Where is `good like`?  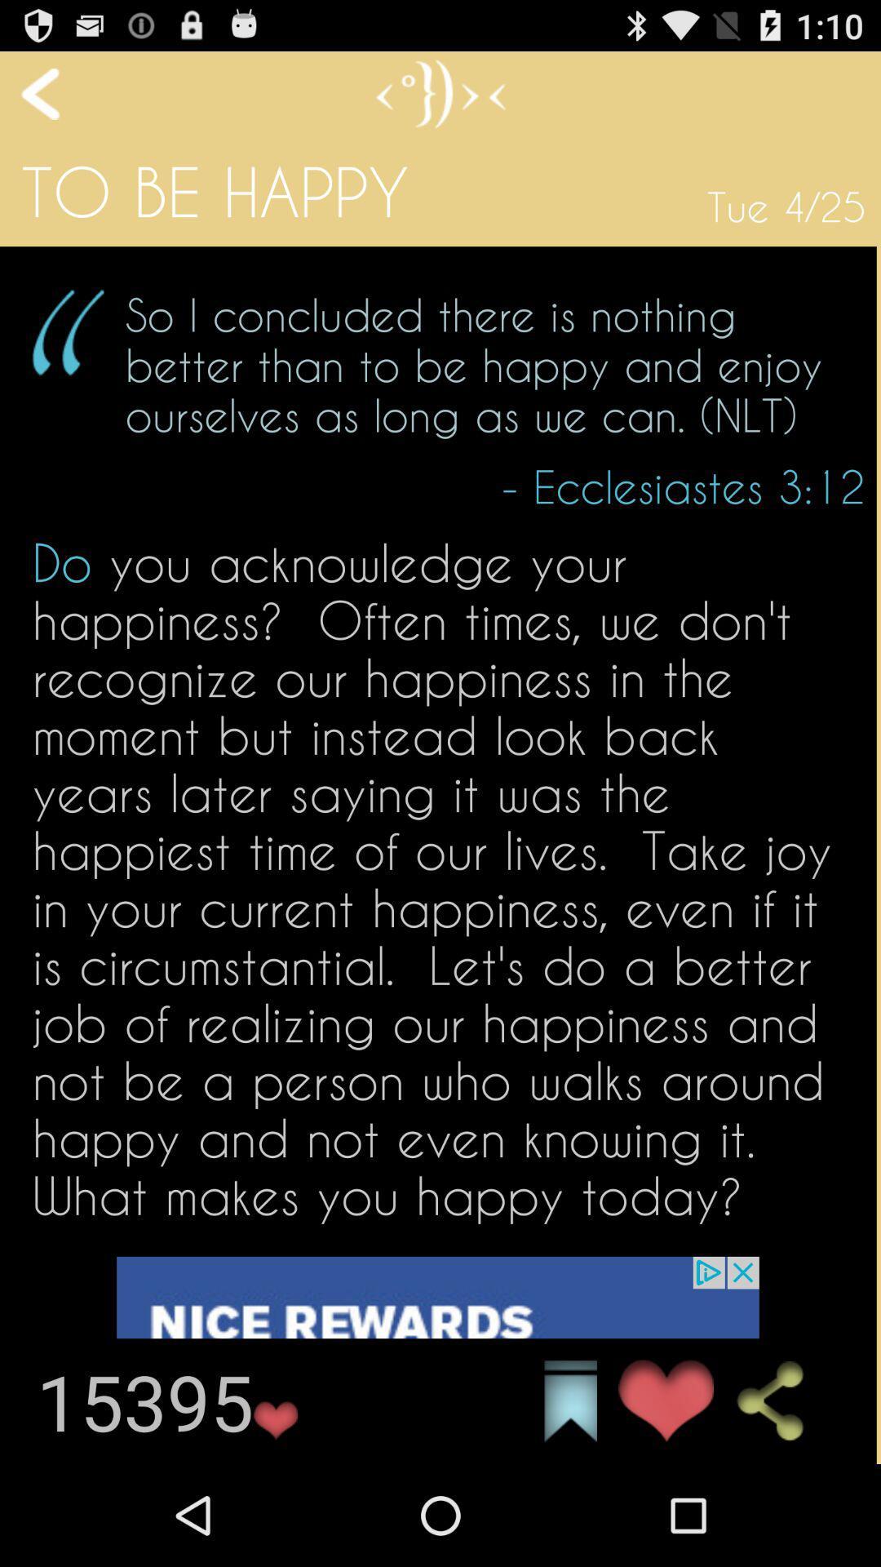 good like is located at coordinates (666, 1401).